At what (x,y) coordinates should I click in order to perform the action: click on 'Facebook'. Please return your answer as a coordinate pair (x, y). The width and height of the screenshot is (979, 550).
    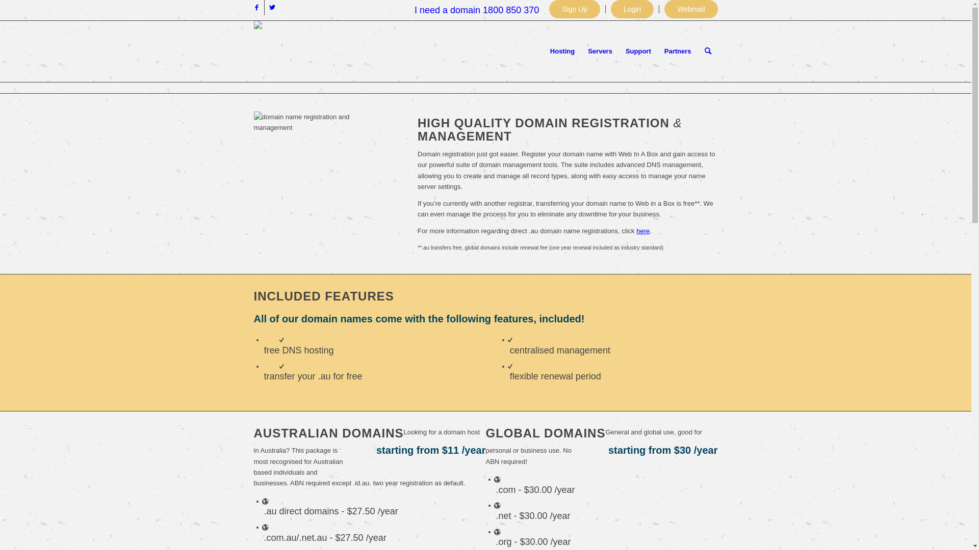
    Looking at the image, I should click on (256, 8).